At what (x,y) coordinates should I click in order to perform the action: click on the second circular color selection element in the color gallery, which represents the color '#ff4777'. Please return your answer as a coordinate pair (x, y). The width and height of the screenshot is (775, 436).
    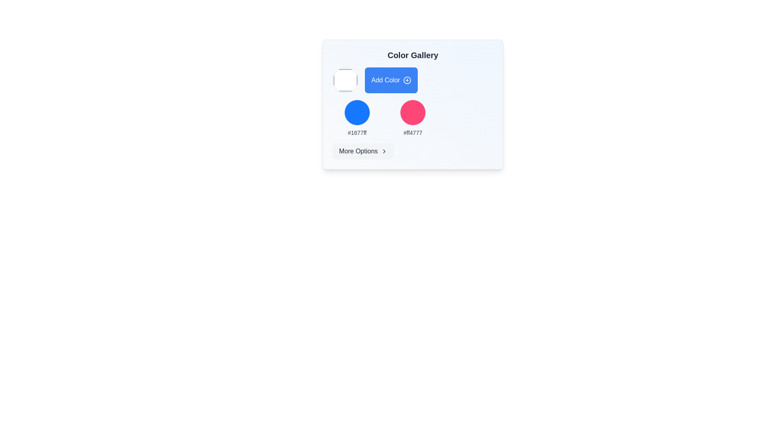
    Looking at the image, I should click on (413, 104).